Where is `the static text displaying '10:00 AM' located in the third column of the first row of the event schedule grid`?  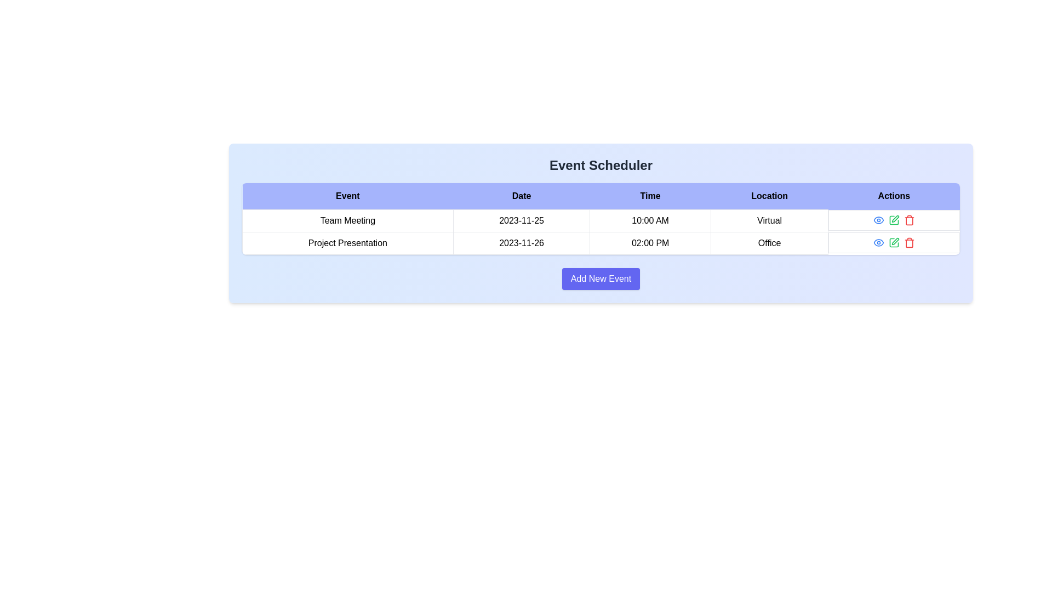 the static text displaying '10:00 AM' located in the third column of the first row of the event schedule grid is located at coordinates (650, 220).